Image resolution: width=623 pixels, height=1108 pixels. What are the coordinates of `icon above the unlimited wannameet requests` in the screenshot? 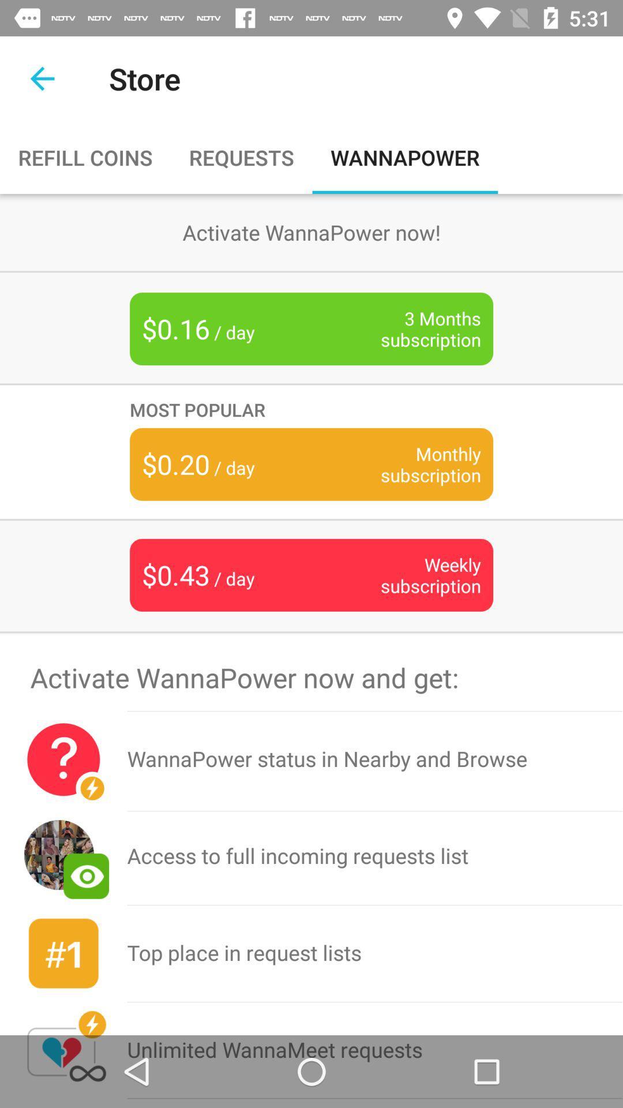 It's located at (375, 953).